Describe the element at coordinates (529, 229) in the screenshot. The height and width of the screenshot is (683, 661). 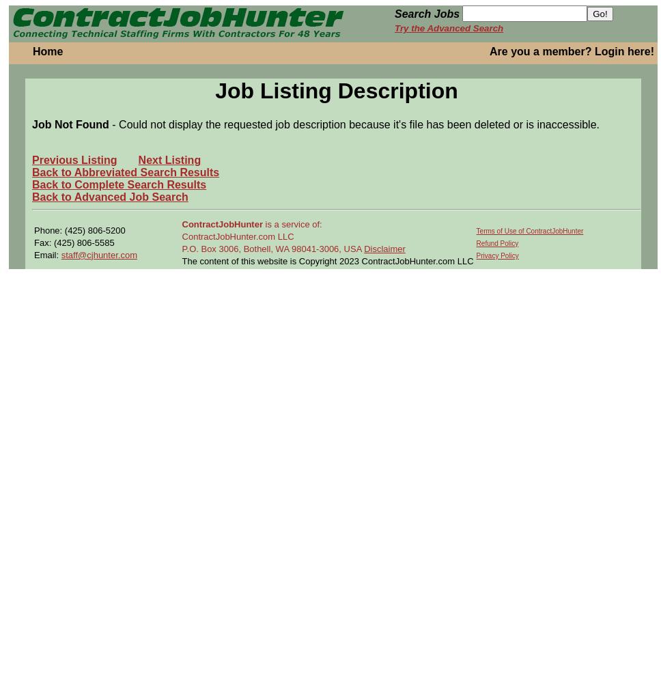
I see `'Terms of Use of ContractJobHunter'` at that location.